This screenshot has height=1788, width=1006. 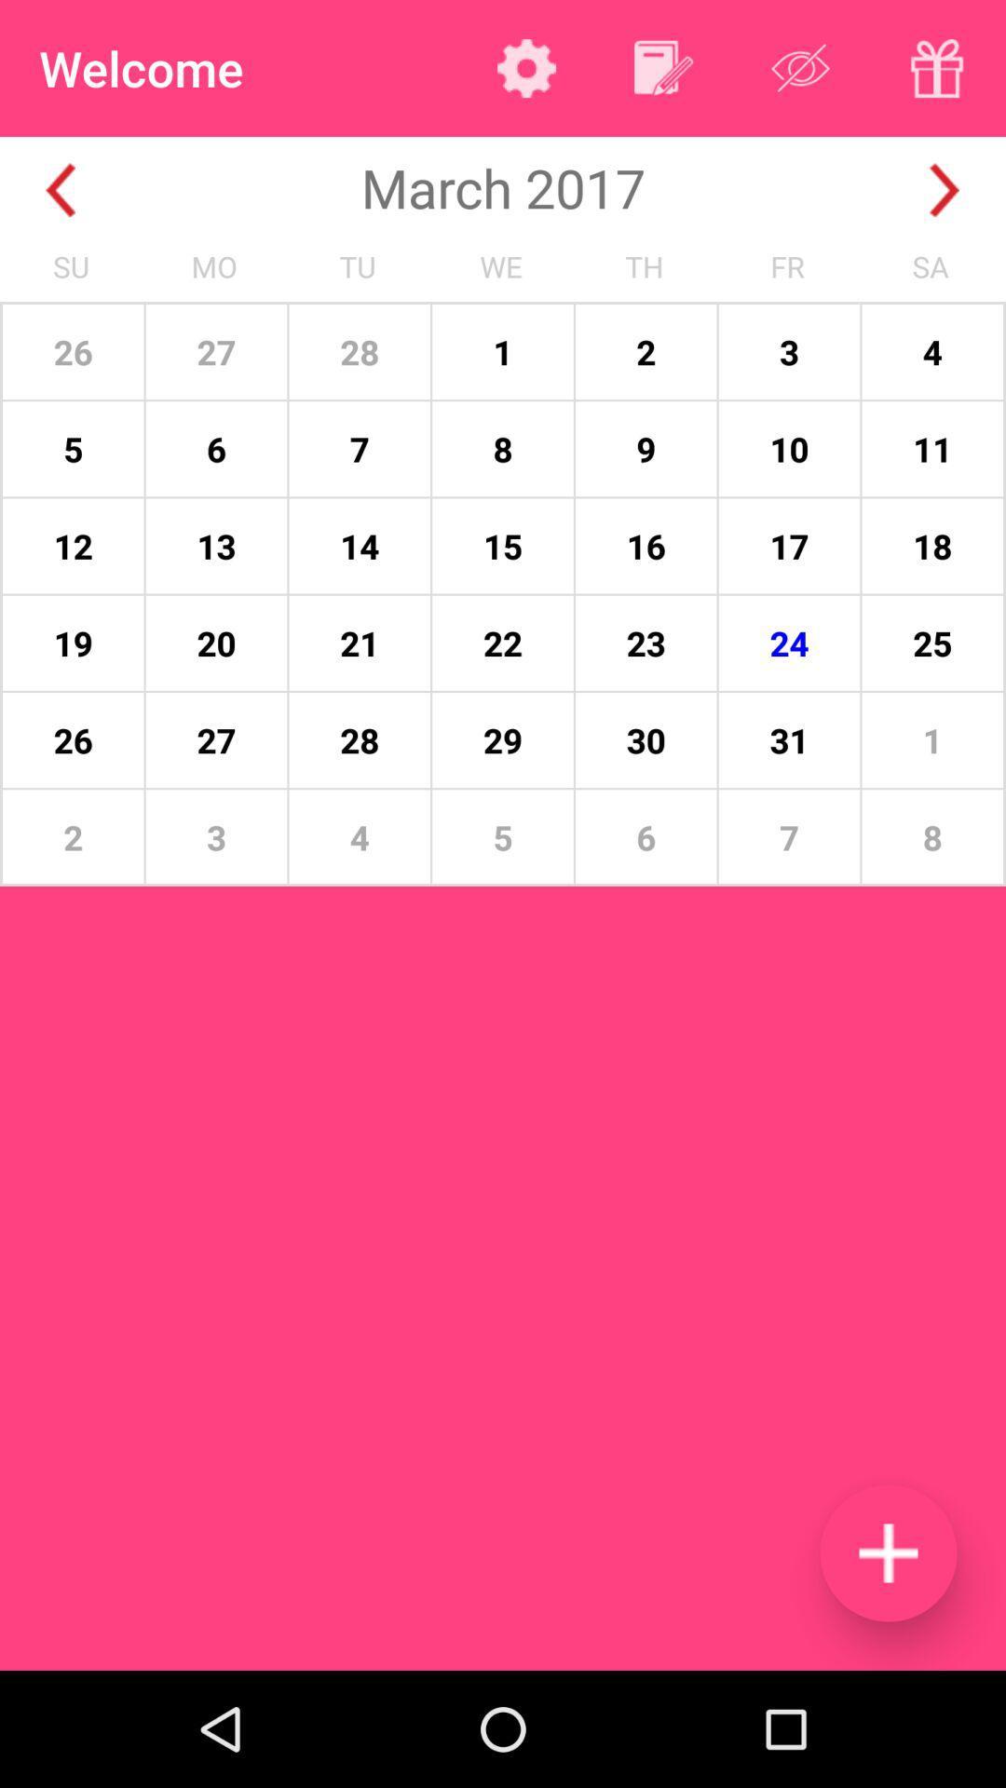 I want to click on item below the 7 icon, so click(x=887, y=1553).